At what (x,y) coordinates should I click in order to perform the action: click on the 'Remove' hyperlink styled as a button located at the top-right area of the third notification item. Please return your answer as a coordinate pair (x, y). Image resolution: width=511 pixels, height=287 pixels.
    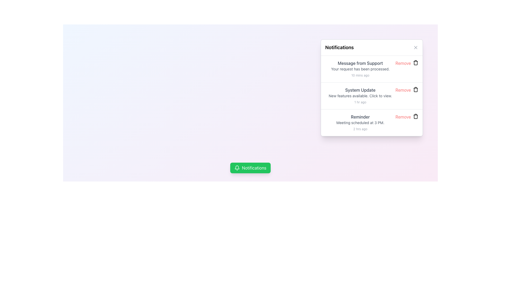
    Looking at the image, I should click on (403, 116).